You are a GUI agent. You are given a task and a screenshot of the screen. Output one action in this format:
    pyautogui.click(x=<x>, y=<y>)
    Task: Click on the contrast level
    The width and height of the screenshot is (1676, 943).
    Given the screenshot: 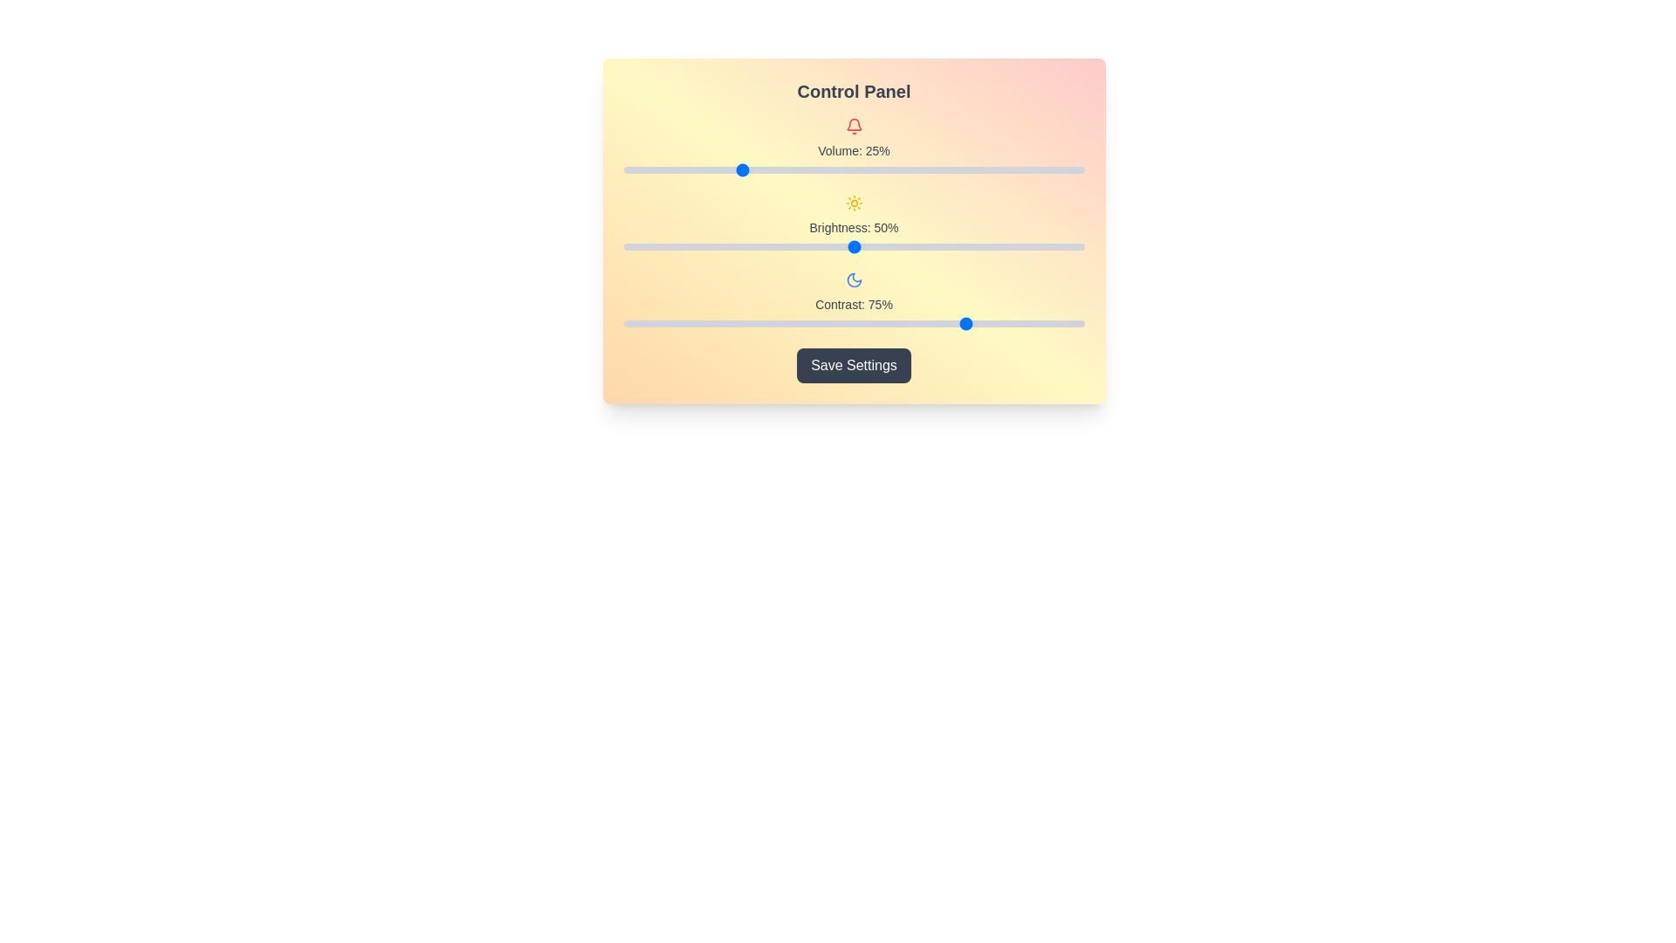 What is the action you would take?
    pyautogui.click(x=677, y=323)
    